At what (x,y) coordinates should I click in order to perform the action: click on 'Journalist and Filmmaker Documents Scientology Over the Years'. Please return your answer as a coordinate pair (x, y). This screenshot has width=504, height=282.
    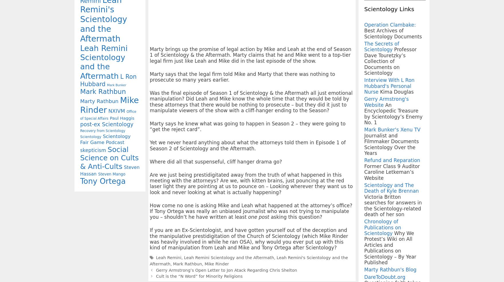
    Looking at the image, I should click on (391, 144).